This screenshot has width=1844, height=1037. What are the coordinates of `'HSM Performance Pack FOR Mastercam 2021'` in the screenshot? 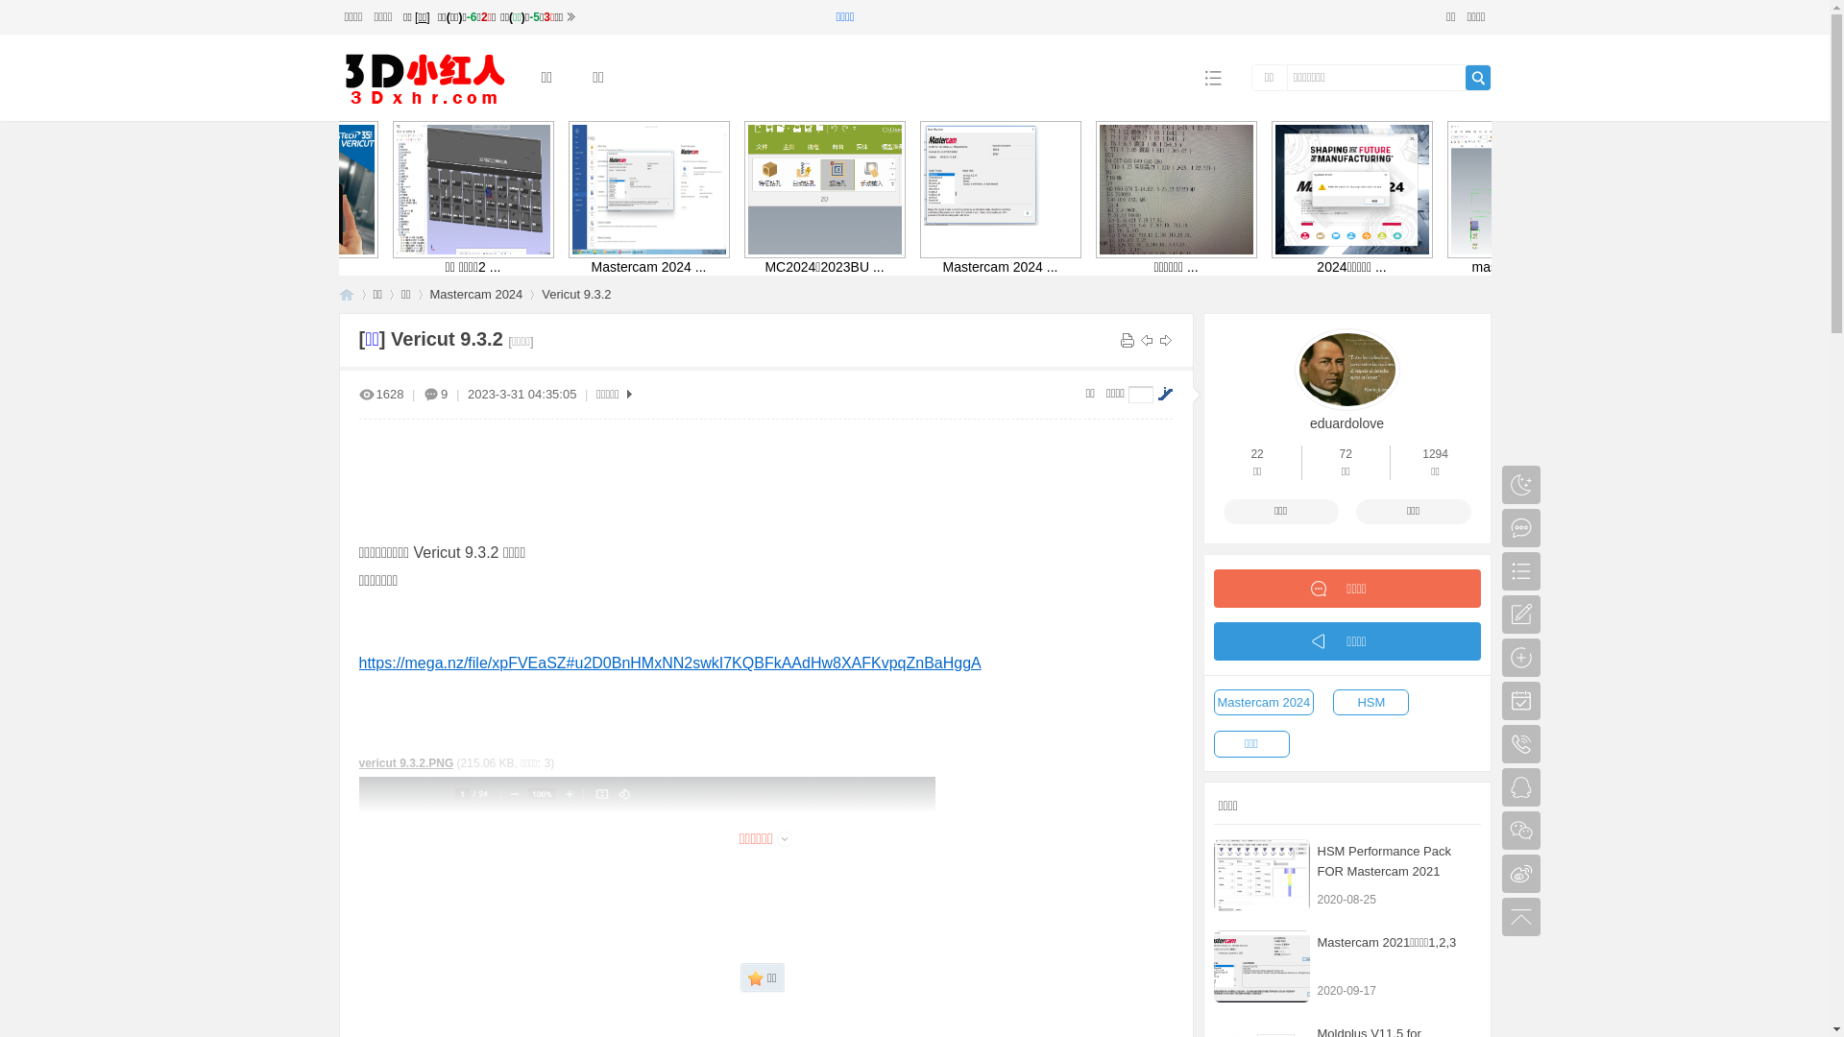 It's located at (1262, 875).